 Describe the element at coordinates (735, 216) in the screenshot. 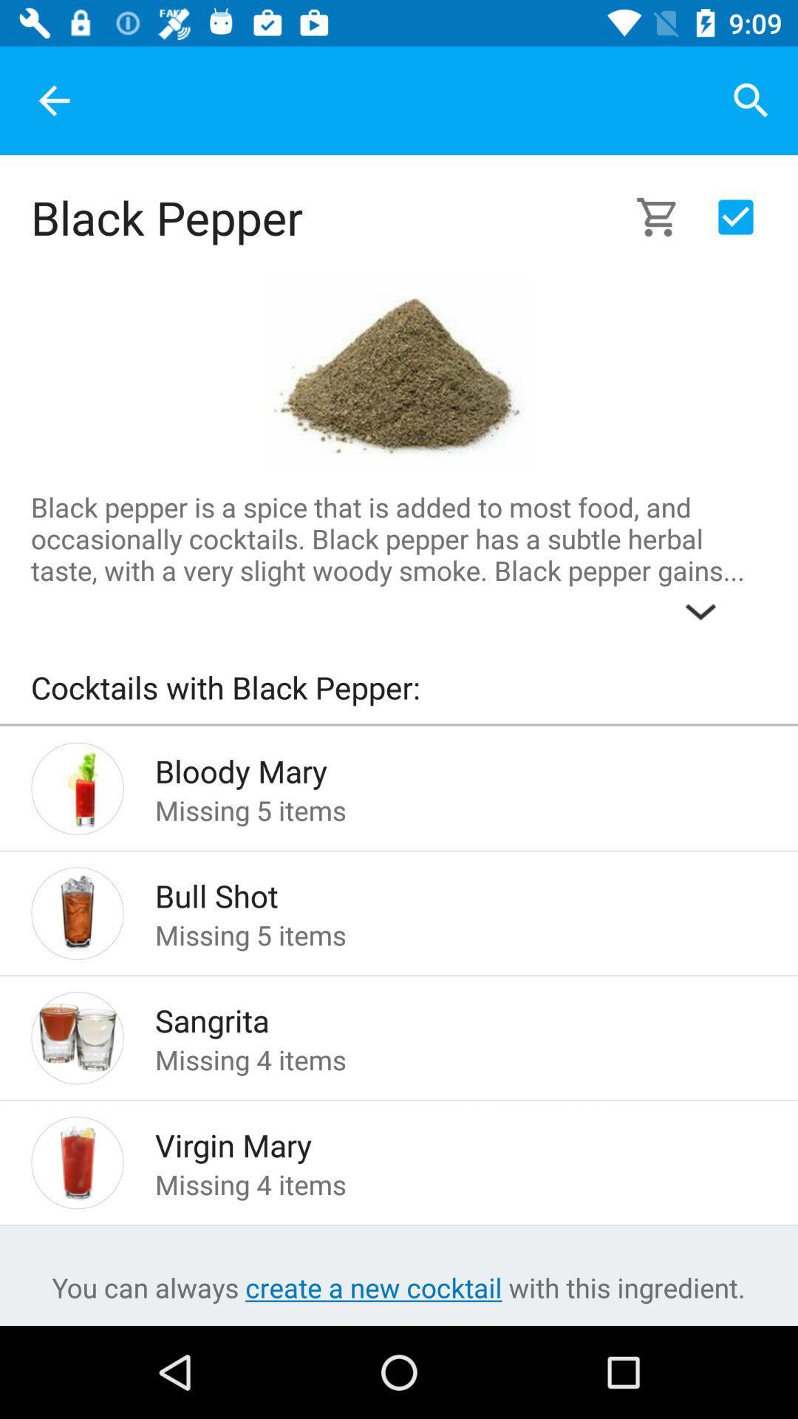

I see `from menu` at that location.